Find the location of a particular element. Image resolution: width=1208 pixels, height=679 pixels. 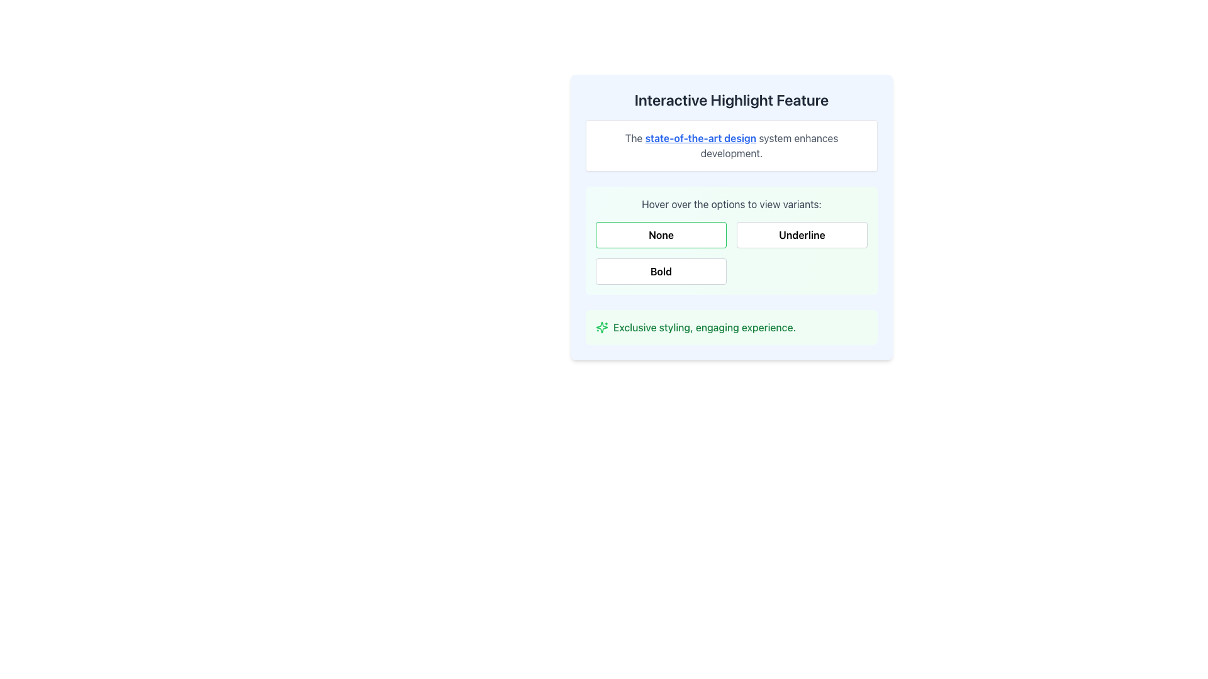

the sparkles icon, which is styled with green color and outlined design, located on the left of the text 'Exclusive styling, engaging experience.' is located at coordinates (601, 326).